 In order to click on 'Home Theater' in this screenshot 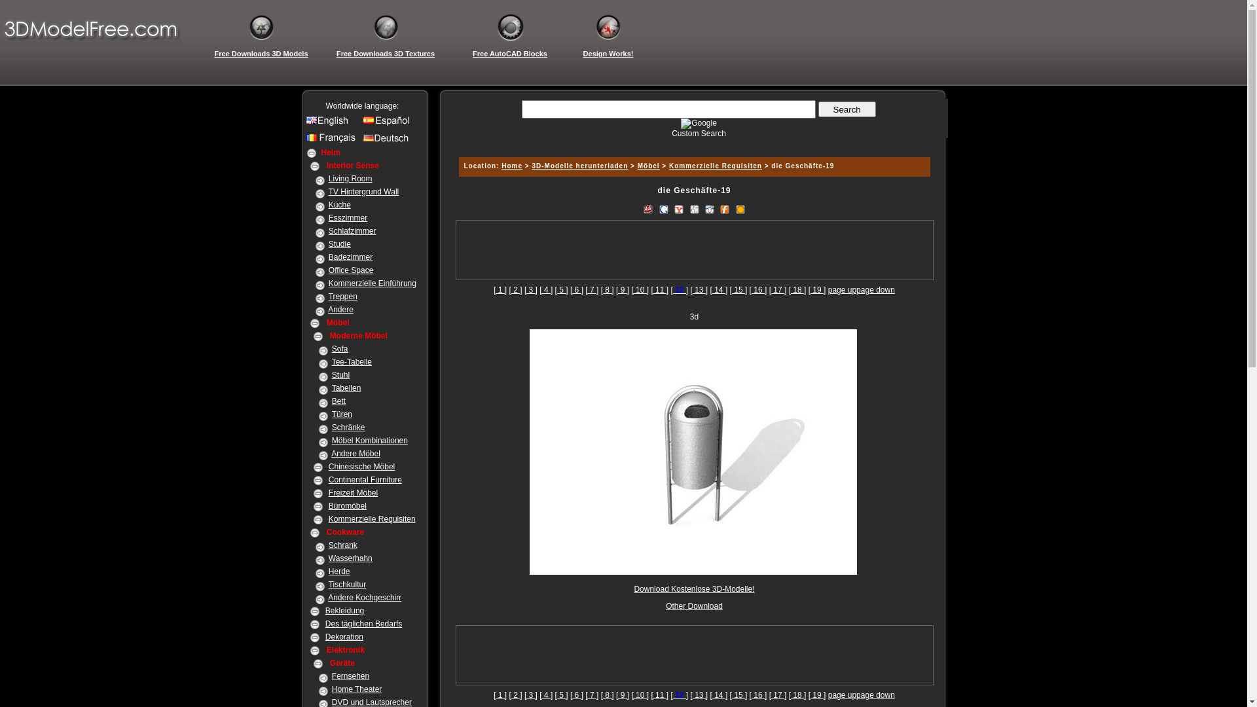, I will do `click(357, 689)`.